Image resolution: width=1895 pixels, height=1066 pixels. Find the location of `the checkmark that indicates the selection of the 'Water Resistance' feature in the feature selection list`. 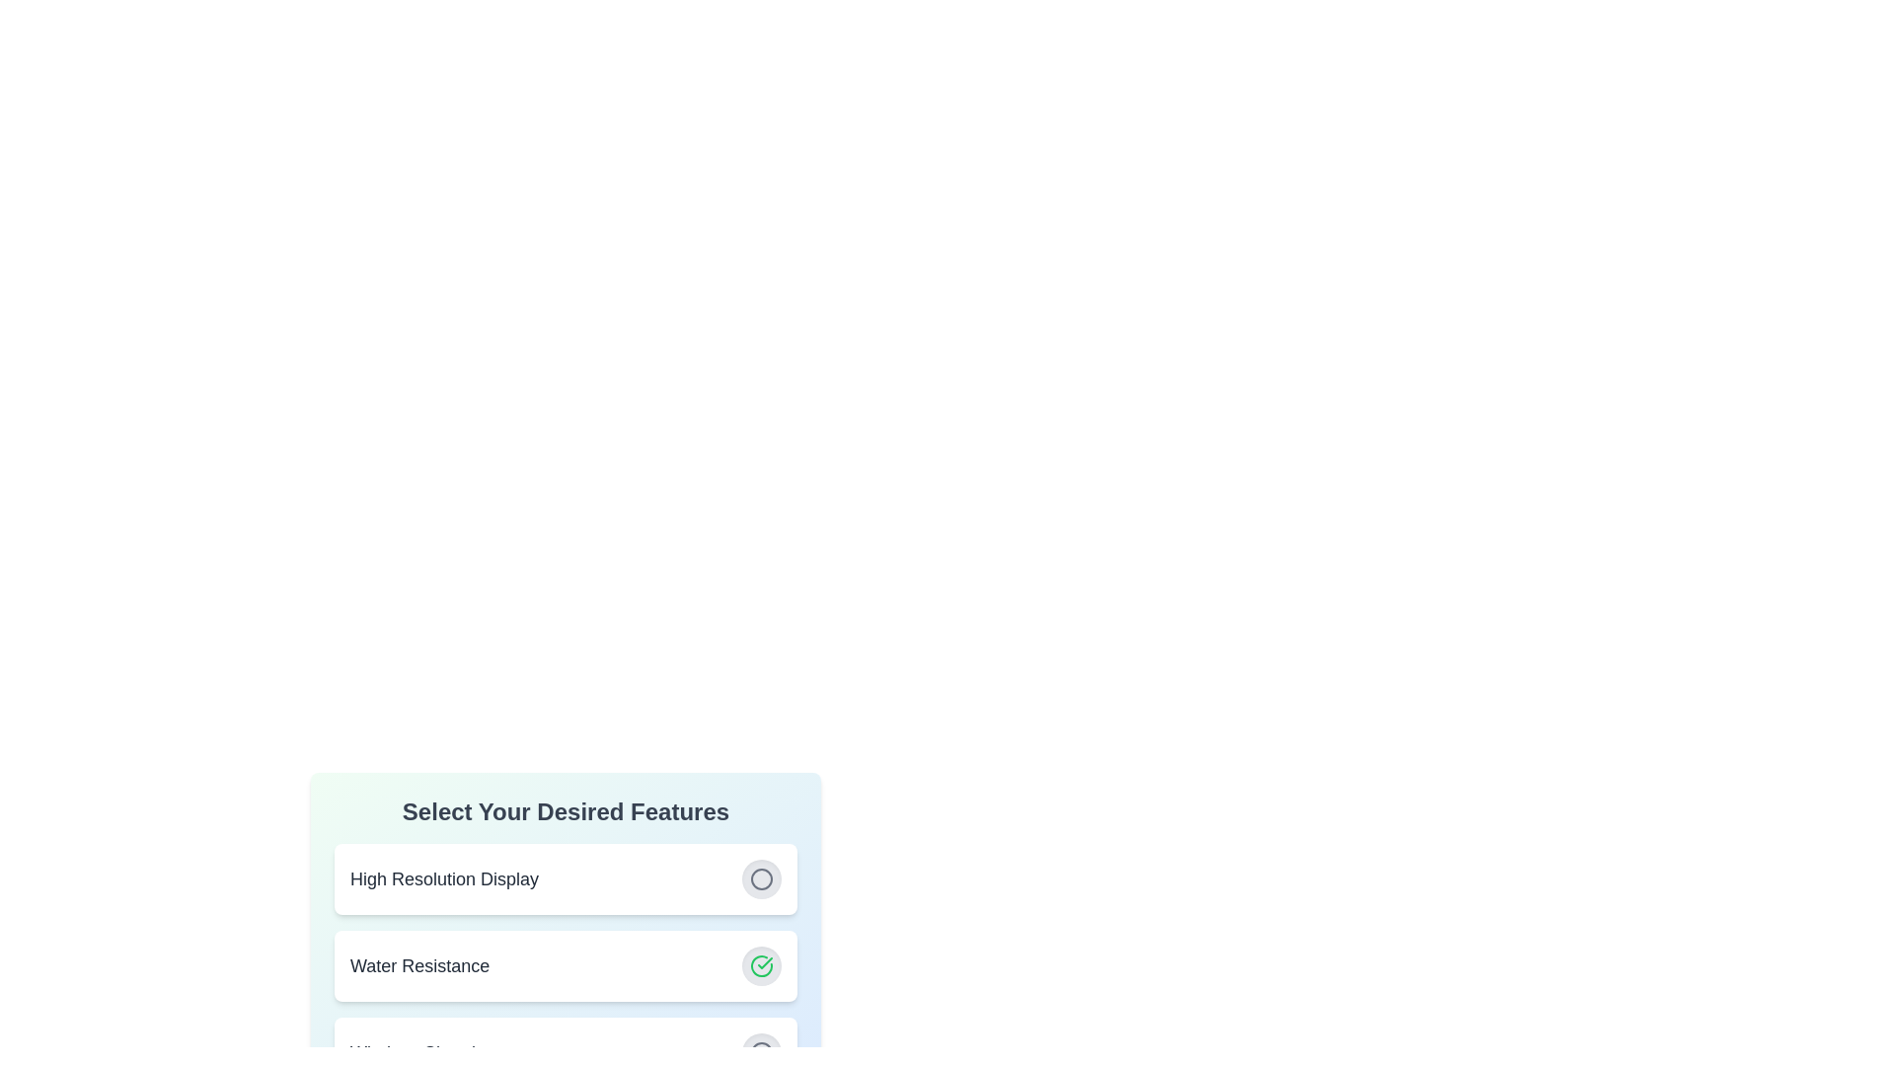

the checkmark that indicates the selection of the 'Water Resistance' feature in the feature selection list is located at coordinates (764, 961).